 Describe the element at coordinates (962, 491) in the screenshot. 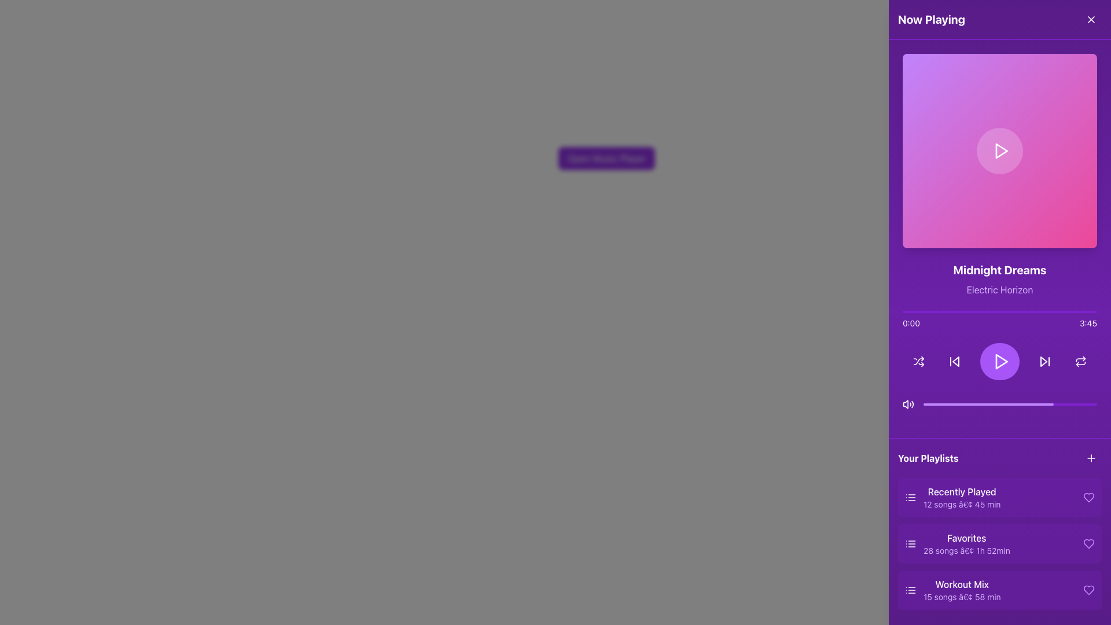

I see `the 'Recently Played' text label, which is a medium-sized purple font title in the playlist interface, positioned in the 'Your Playlists' section` at that location.